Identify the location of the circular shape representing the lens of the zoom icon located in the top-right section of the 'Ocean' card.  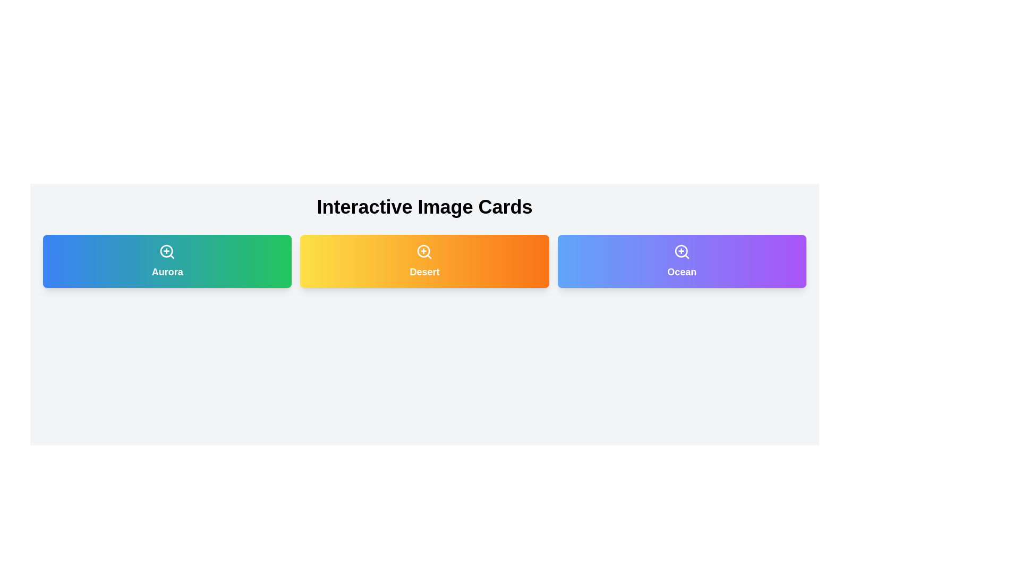
(681, 251).